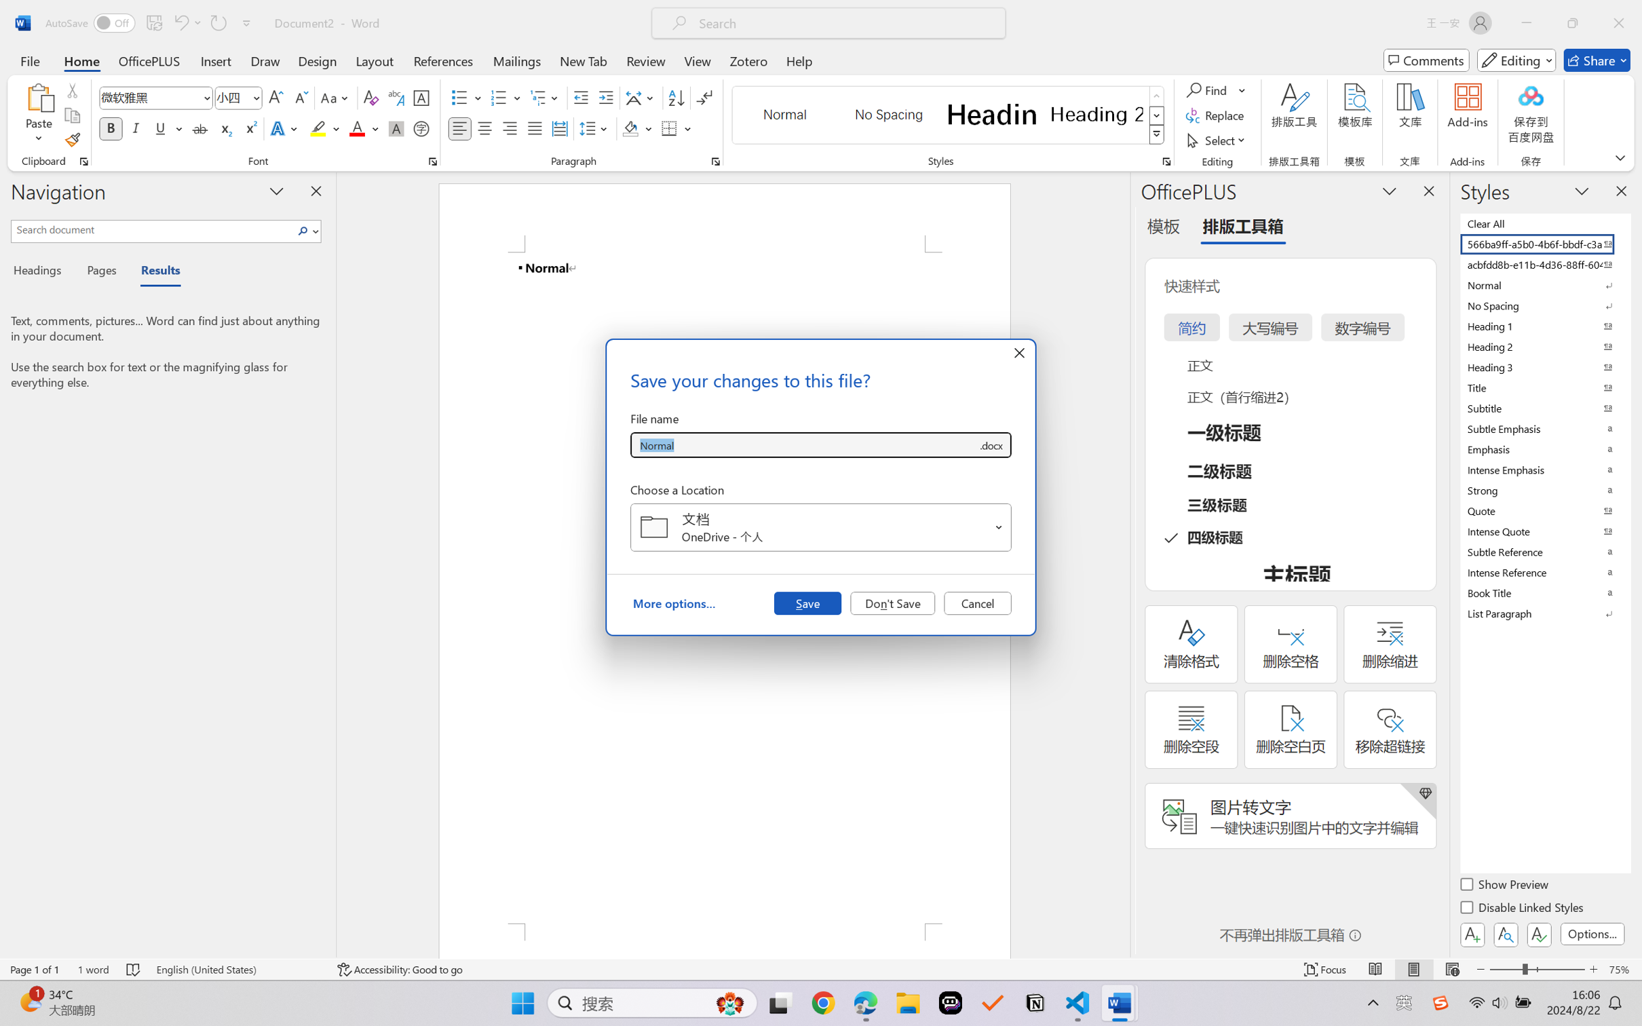 The image size is (1642, 1026). Describe the element at coordinates (1166, 161) in the screenshot. I see `'Styles...'` at that location.